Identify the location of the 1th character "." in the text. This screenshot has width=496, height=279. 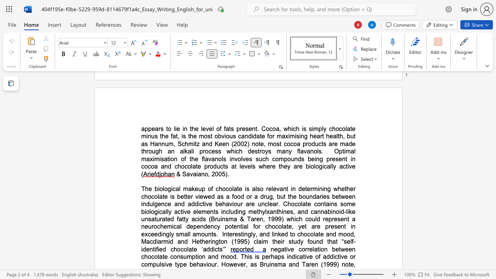
(228, 174).